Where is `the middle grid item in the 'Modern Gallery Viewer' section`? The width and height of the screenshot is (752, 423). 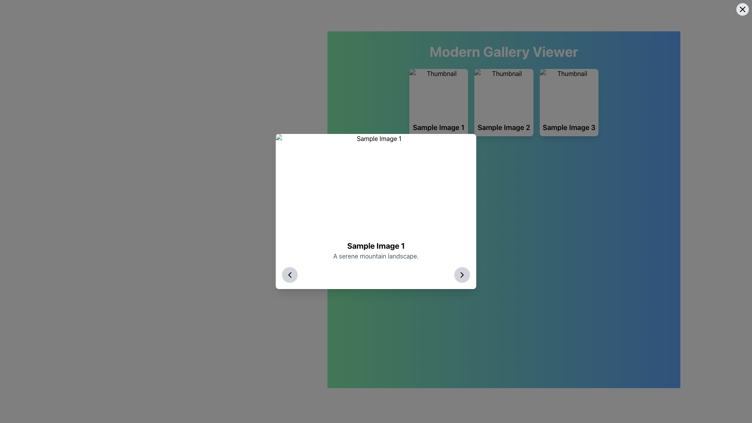
the middle grid item in the 'Modern Gallery Viewer' section is located at coordinates (504, 102).